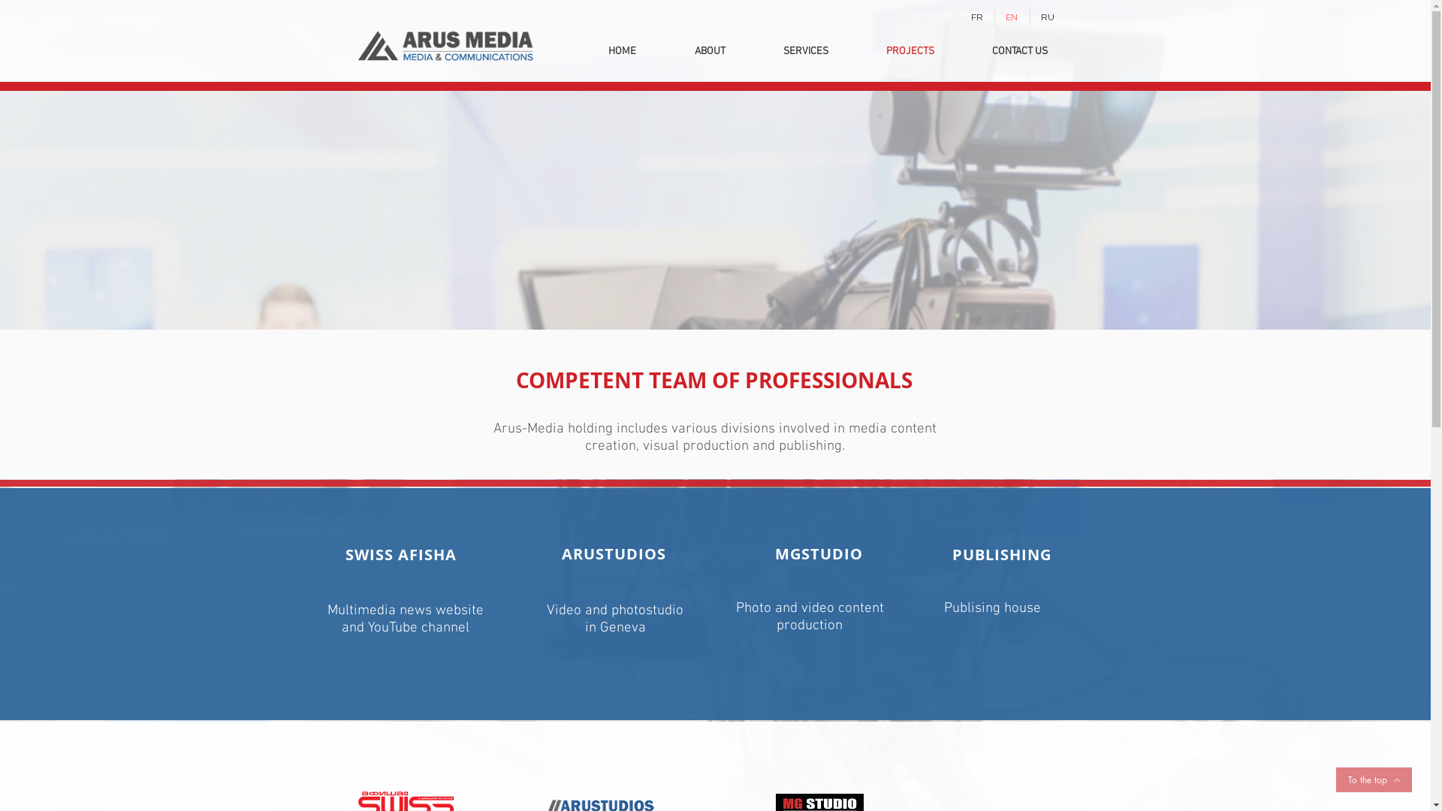 The image size is (1442, 811). I want to click on 'RU', so click(1047, 17).